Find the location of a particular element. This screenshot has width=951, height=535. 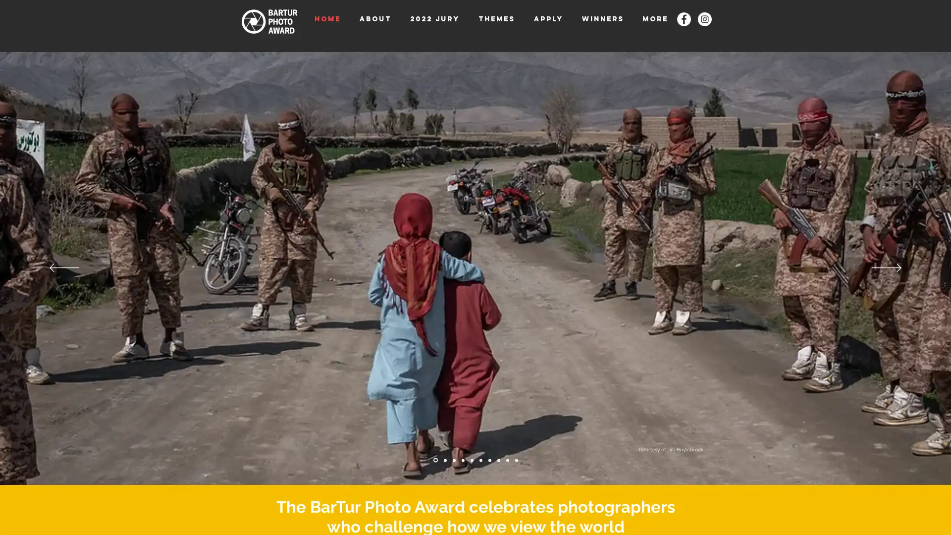

Next is located at coordinates (887, 268).